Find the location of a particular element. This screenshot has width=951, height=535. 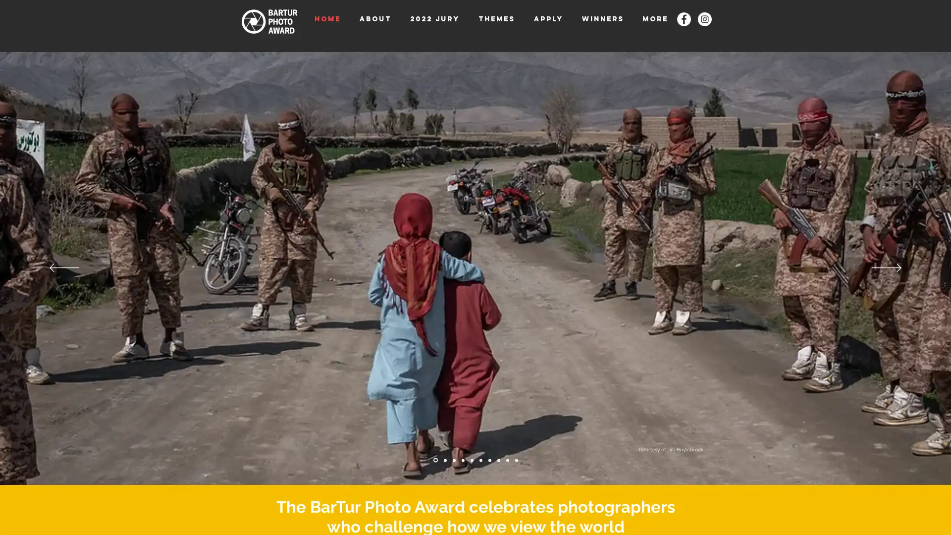

Next is located at coordinates (887, 268).